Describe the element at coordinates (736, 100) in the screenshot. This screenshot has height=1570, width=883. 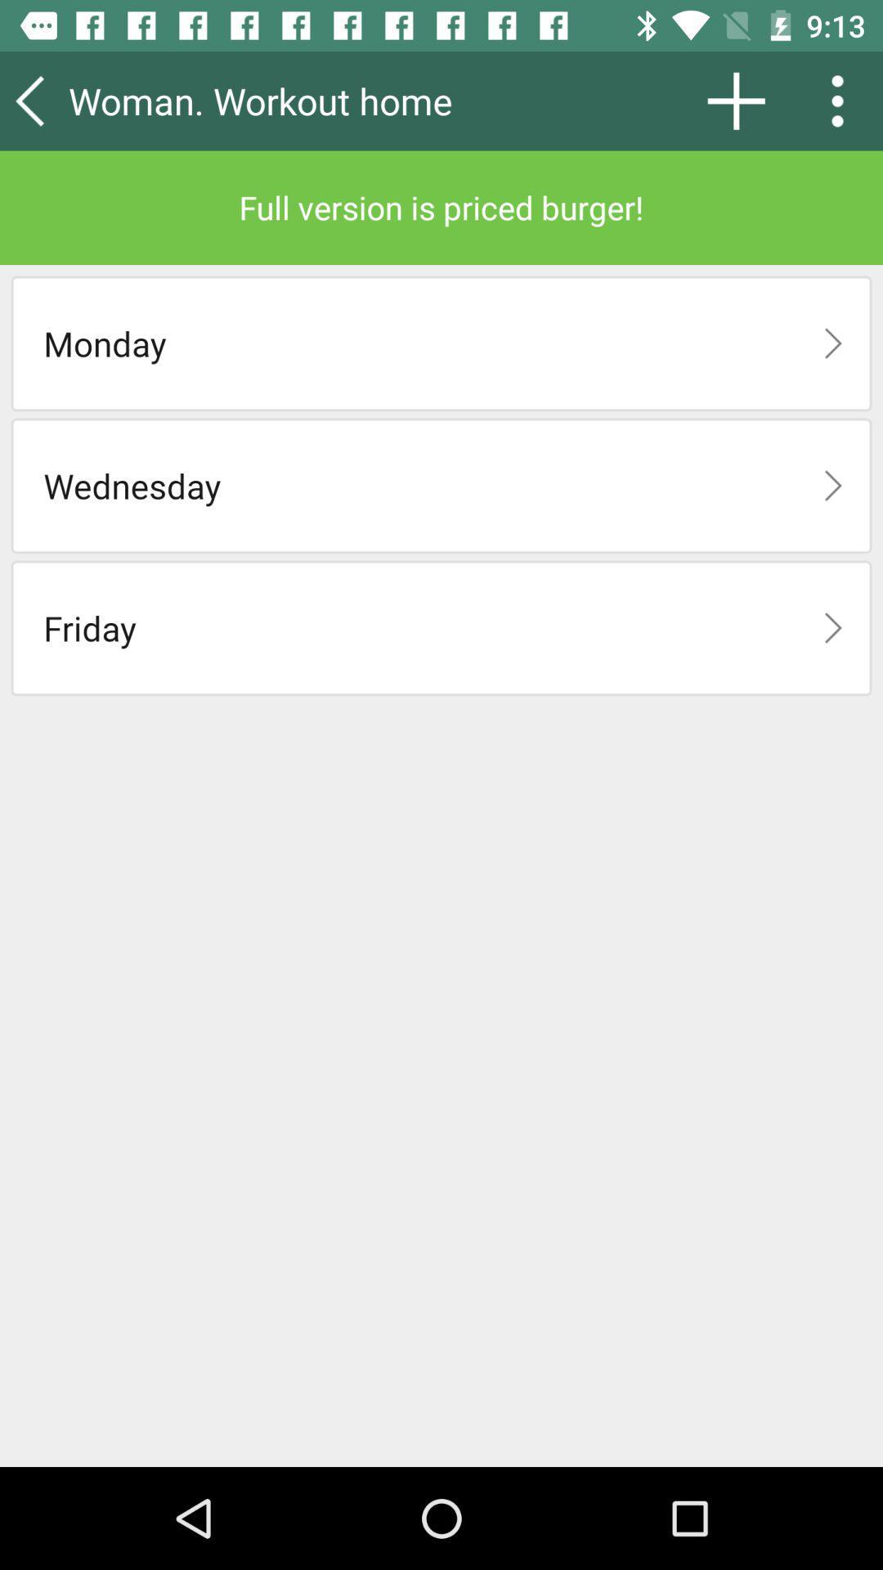
I see `item next to the woman. workout home item` at that location.